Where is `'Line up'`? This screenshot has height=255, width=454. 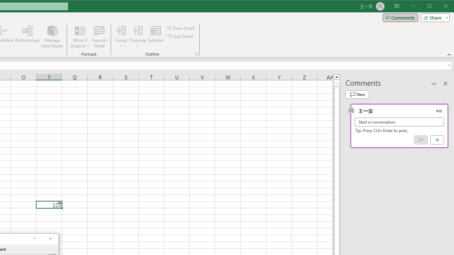
'Line up' is located at coordinates (336, 76).